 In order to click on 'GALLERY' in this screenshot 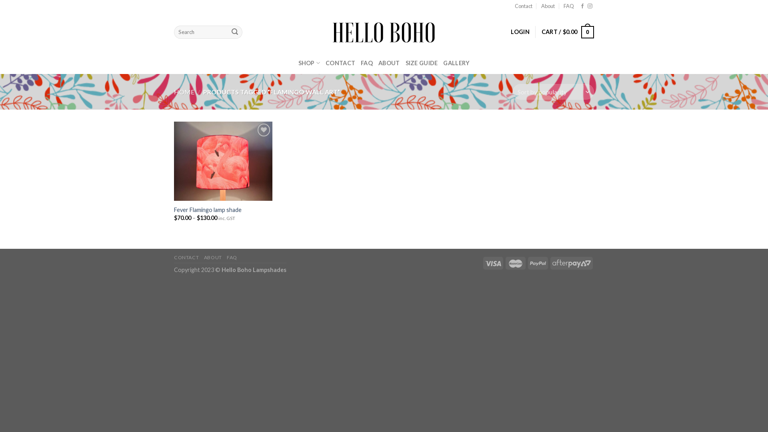, I will do `click(443, 63)`.